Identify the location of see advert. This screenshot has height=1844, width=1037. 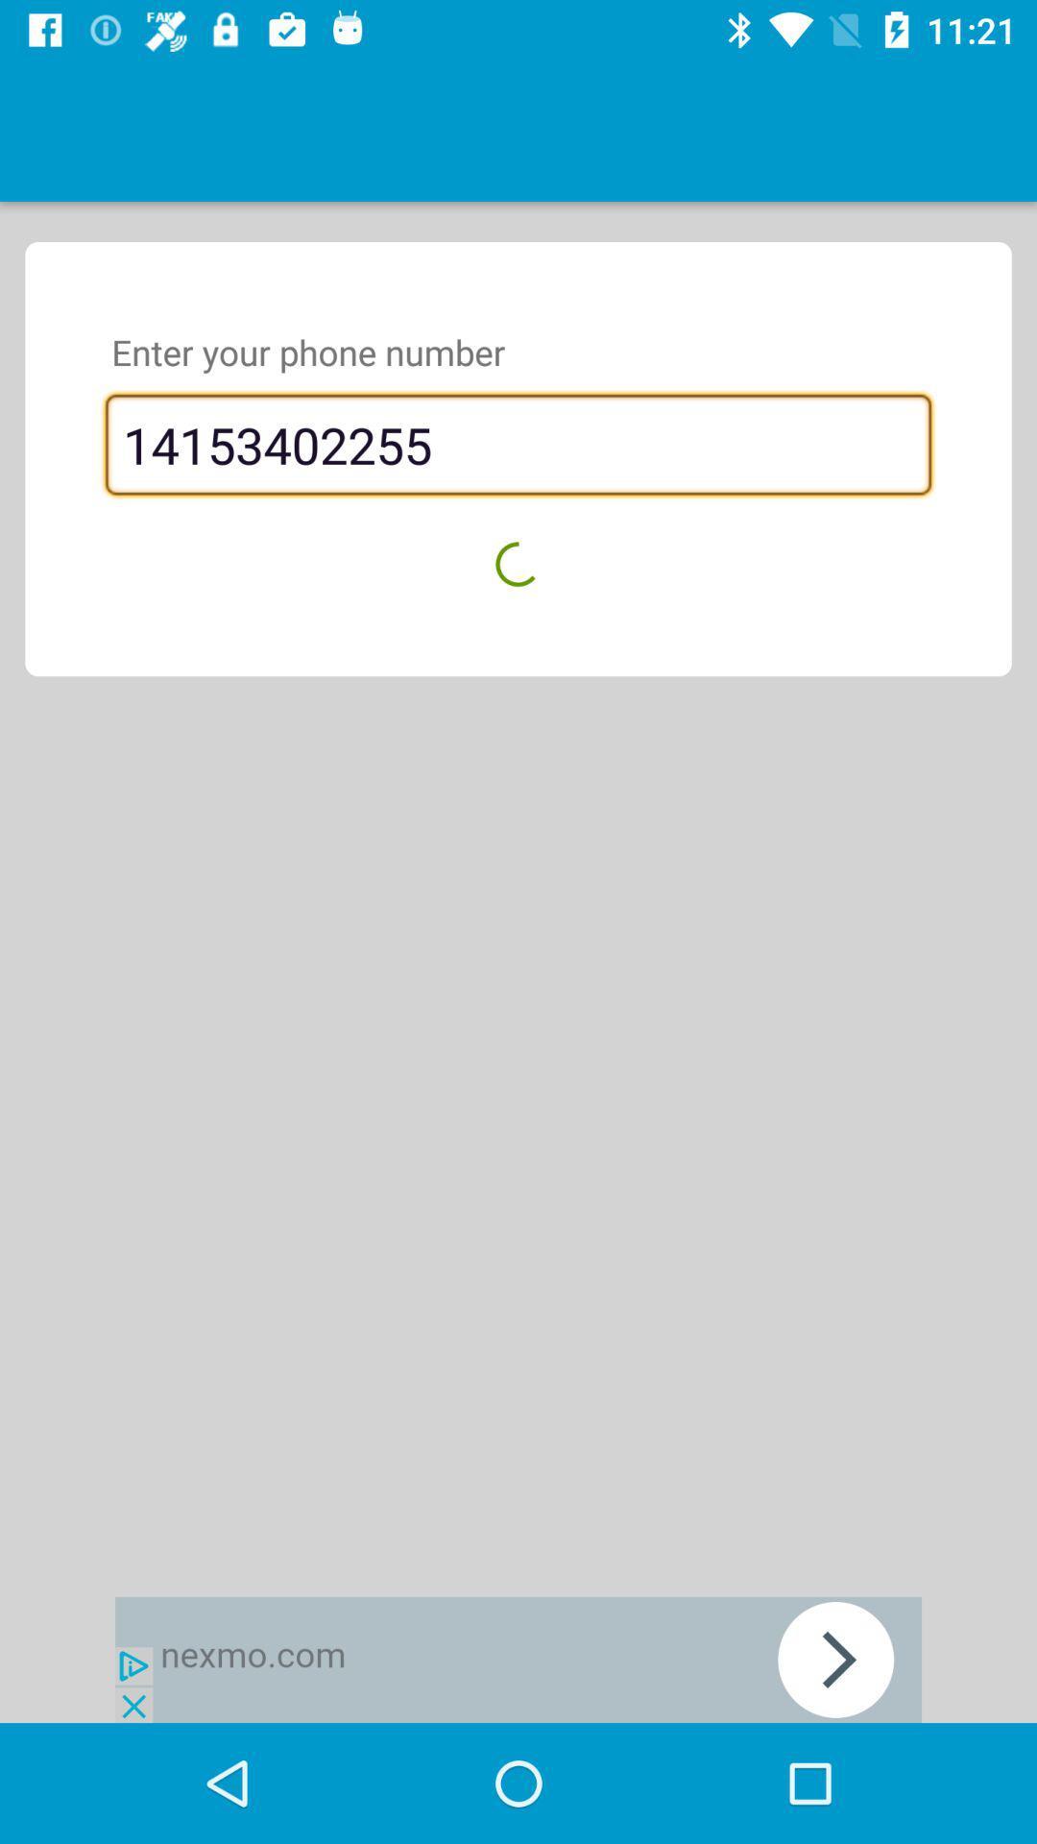
(518, 1659).